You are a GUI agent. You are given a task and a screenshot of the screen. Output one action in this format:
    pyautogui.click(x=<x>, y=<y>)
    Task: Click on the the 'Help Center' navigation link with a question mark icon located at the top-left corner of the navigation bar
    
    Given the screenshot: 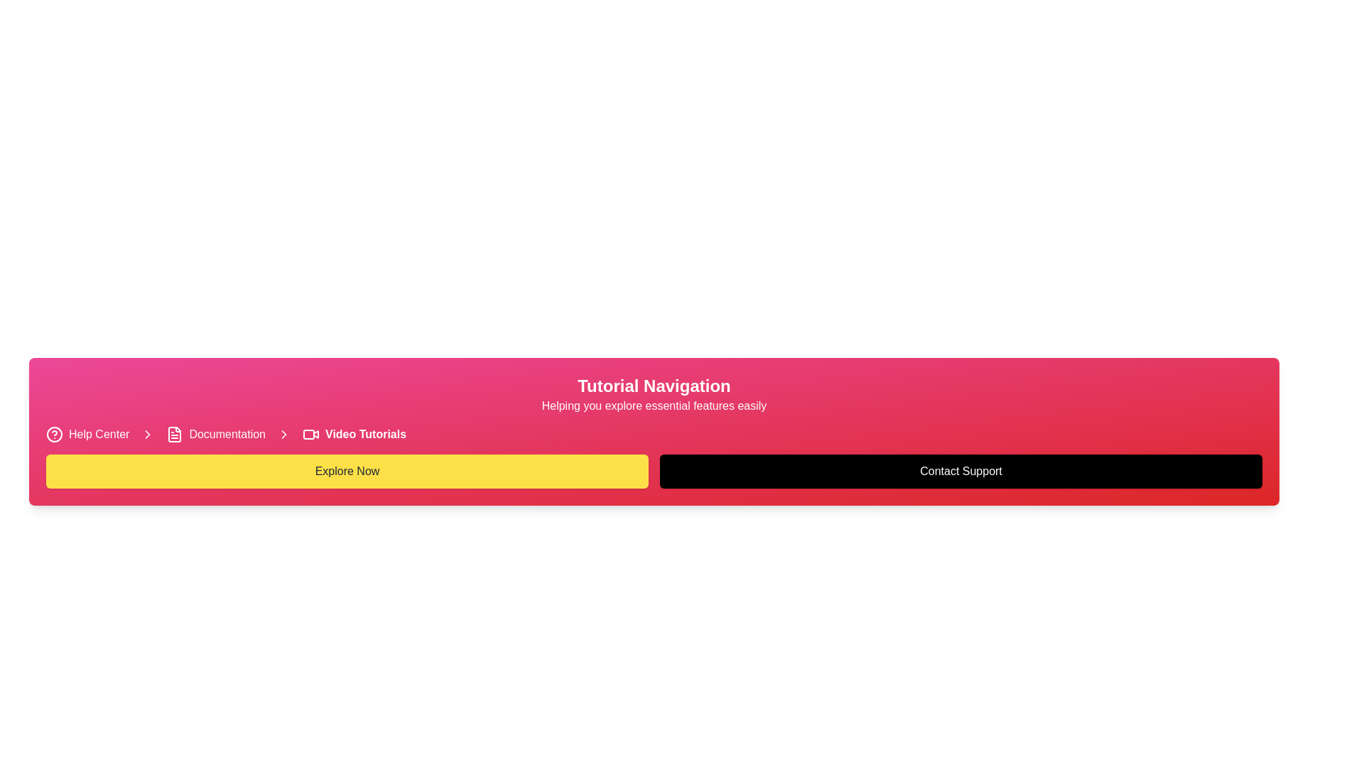 What is the action you would take?
    pyautogui.click(x=87, y=434)
    